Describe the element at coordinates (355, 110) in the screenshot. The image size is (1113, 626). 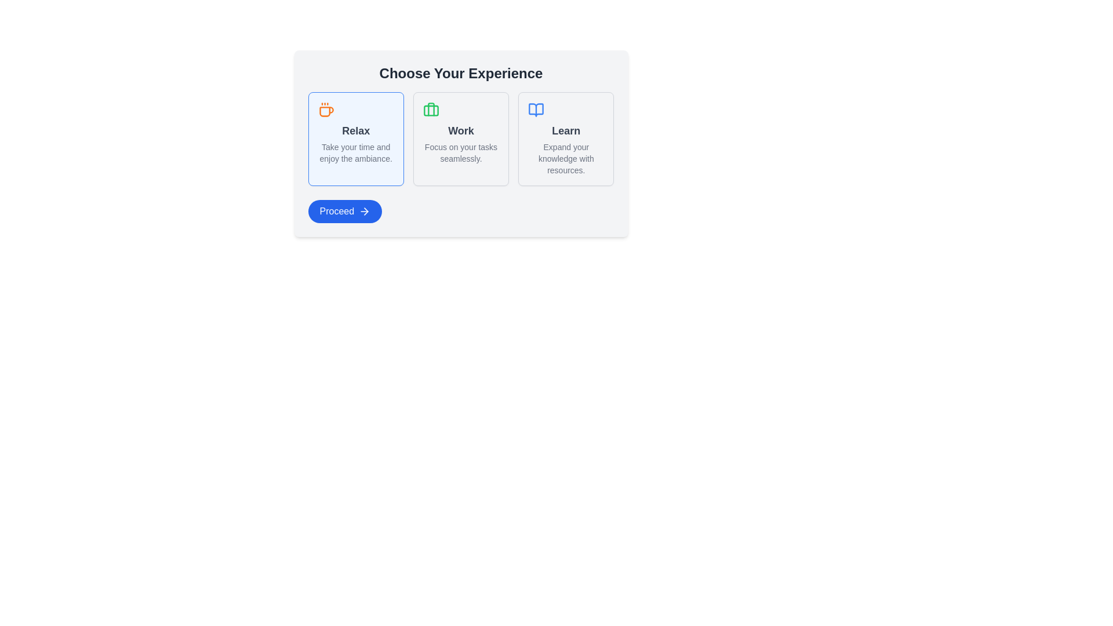
I see `the coffee cup icon representing the 'Relax' option, positioned in the top left corner of the 'Relax' box` at that location.